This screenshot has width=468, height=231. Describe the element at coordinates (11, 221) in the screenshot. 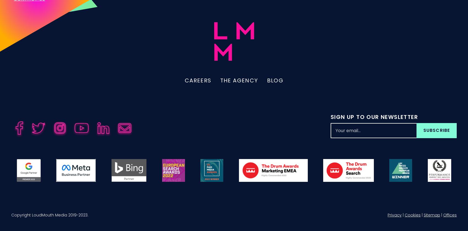

I see `'Copyright LoudMouth Media 2019-2023.'` at that location.